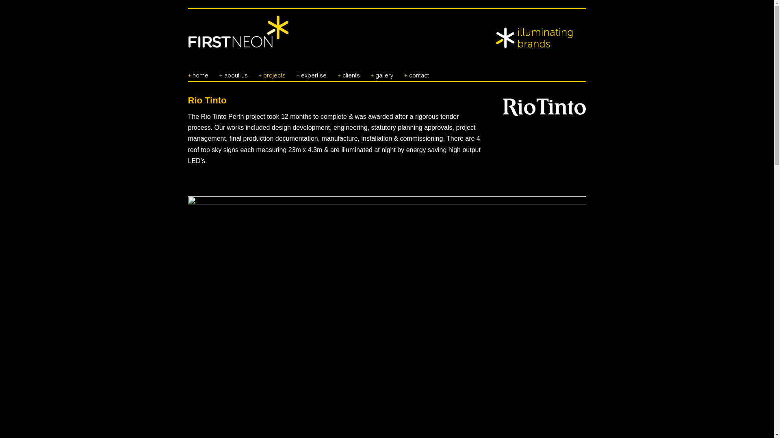 This screenshot has height=438, width=780. I want to click on 'projects', so click(258, 72).